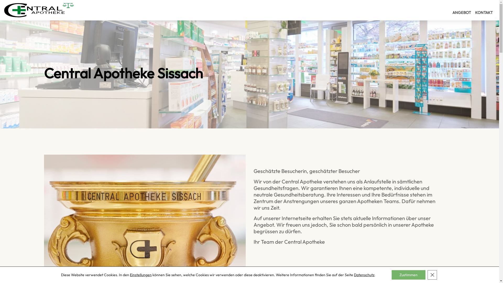  I want to click on 'KONTAKT', so click(484, 10).